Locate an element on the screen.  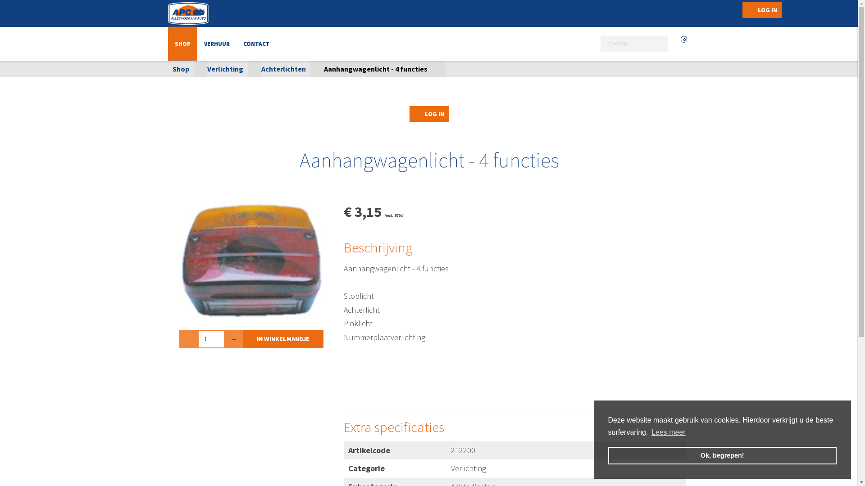
'Verlichting' is located at coordinates (225, 68).